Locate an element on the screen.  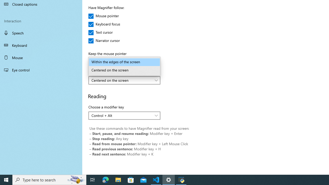
'Mouse' is located at coordinates (41, 57).